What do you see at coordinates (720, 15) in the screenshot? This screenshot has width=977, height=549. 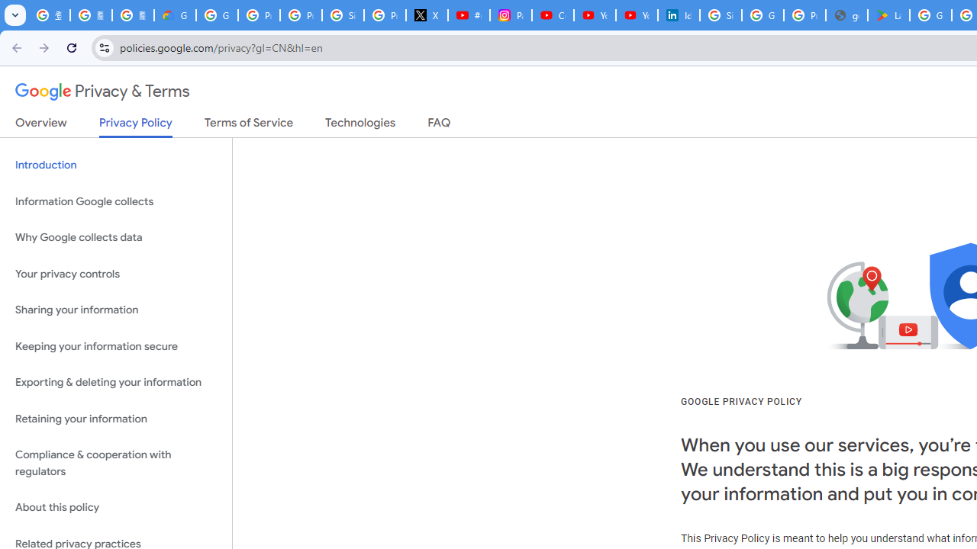 I see `'Sign in - Google Accounts'` at bounding box center [720, 15].